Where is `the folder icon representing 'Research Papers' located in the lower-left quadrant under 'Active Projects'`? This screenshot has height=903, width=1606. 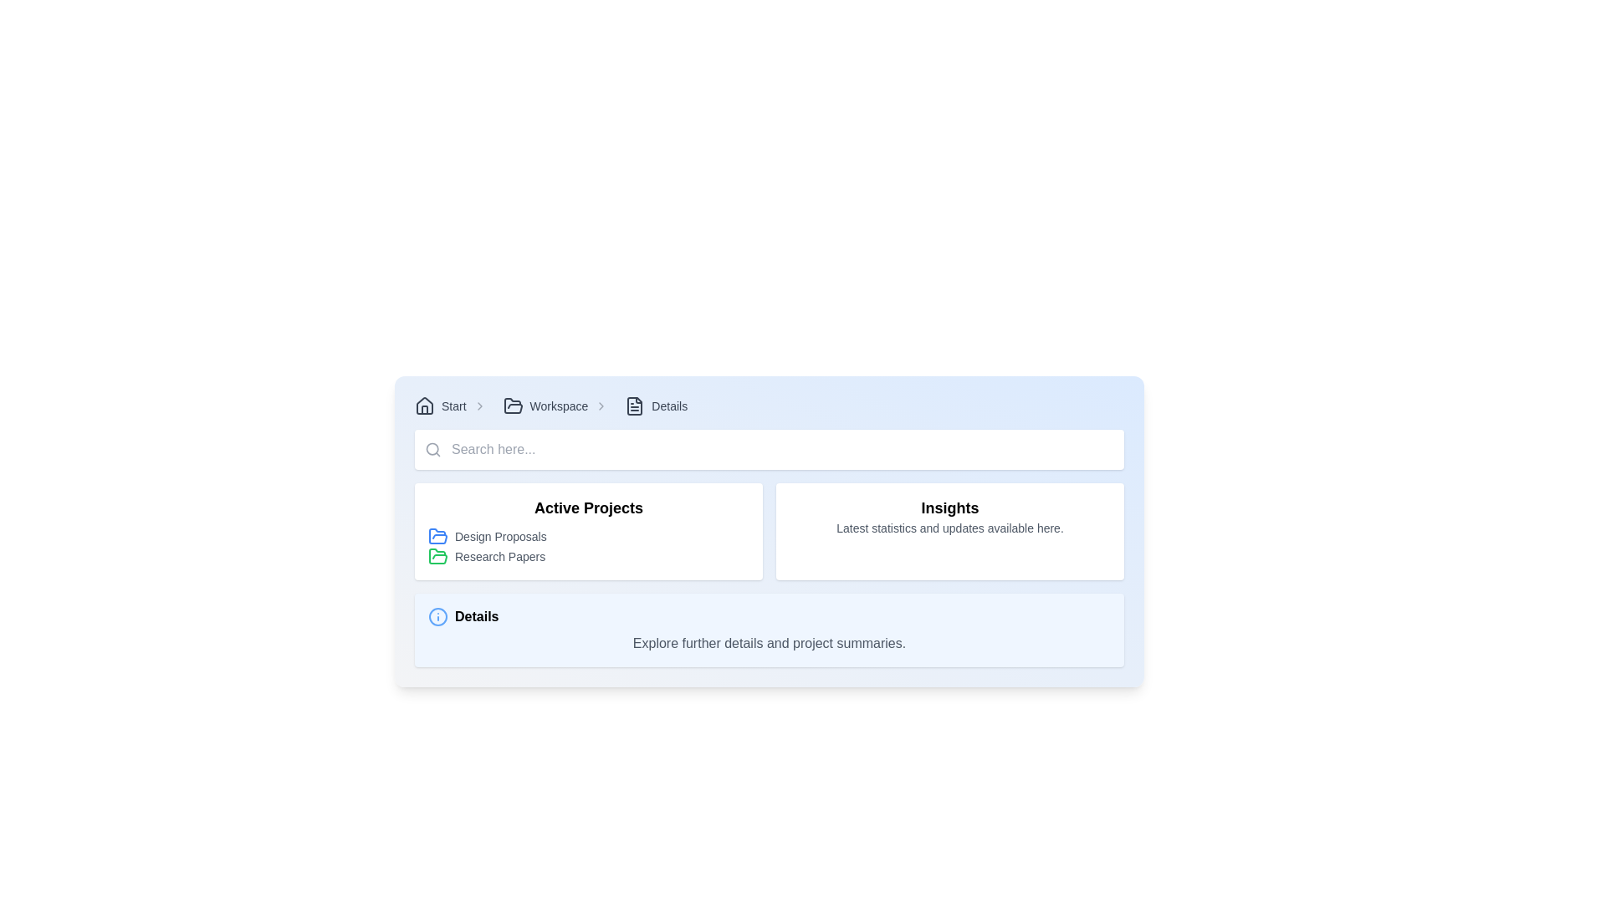
the folder icon representing 'Research Papers' located in the lower-left quadrant under 'Active Projects' is located at coordinates (437, 557).